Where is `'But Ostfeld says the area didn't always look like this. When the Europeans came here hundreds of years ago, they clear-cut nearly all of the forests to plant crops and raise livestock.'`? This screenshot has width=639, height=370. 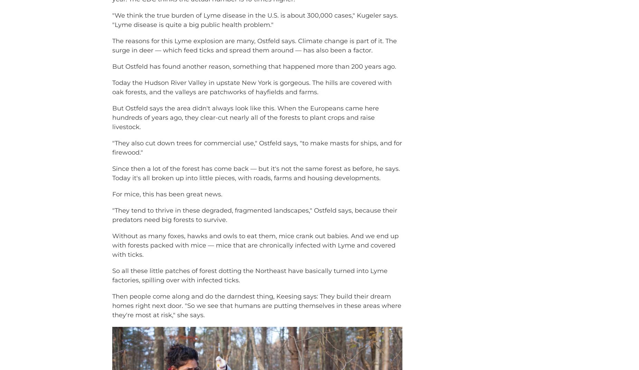 'But Ostfeld says the area didn't always look like this. When the Europeans came here hundreds of years ago, they clear-cut nearly all of the forests to plant crops and raise livestock.' is located at coordinates (245, 127).